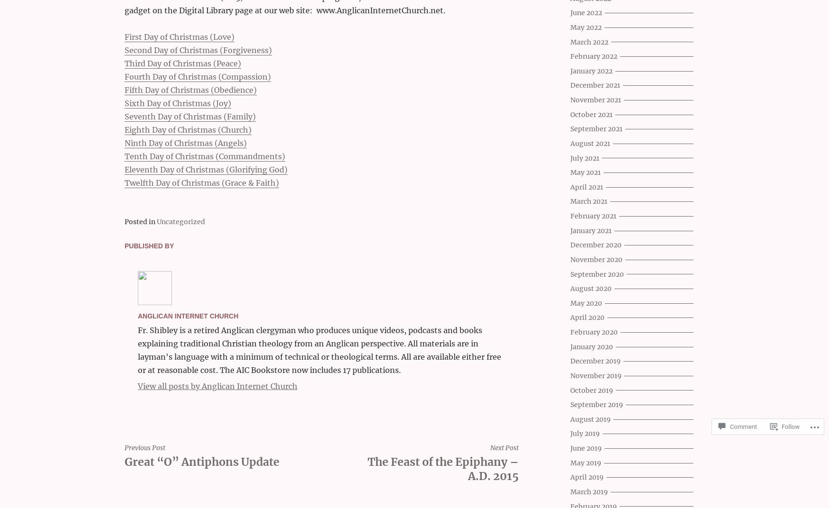 Image resolution: width=829 pixels, height=508 pixels. I want to click on 'Anglican Internet Church', so click(187, 316).